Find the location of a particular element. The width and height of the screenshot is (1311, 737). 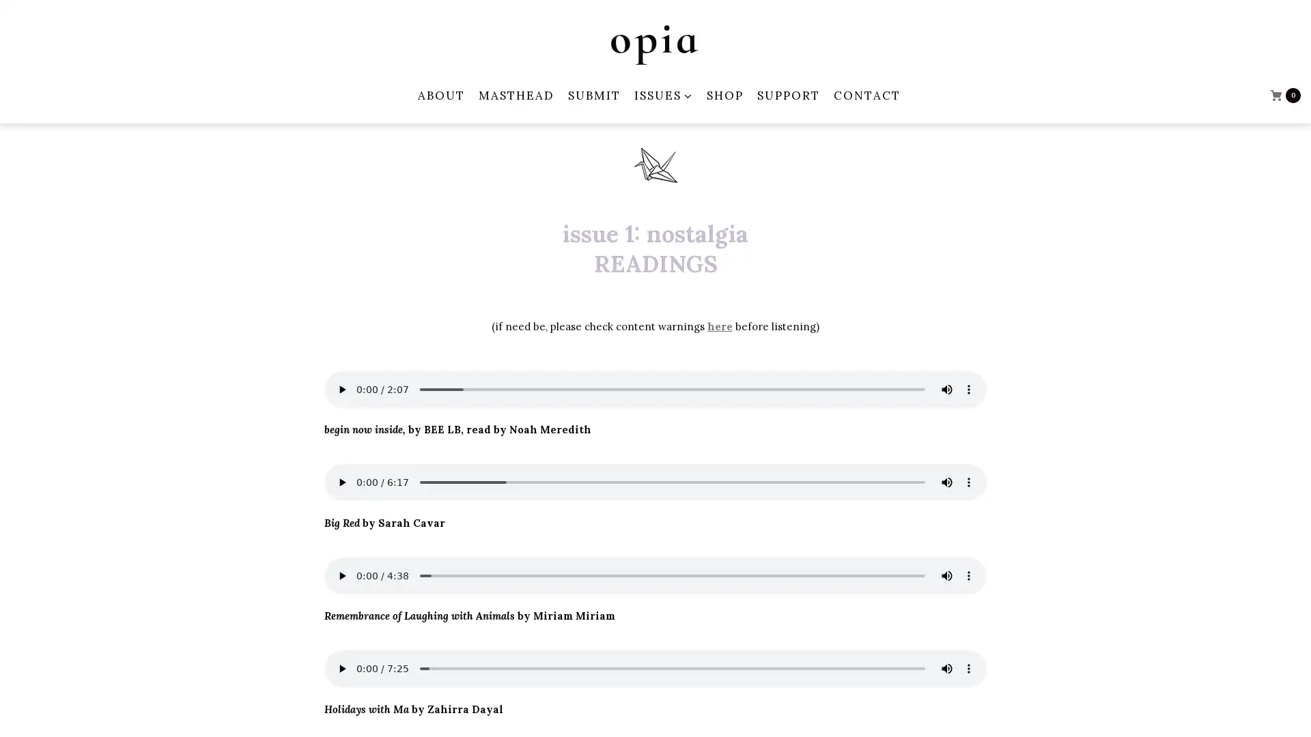

play is located at coordinates (341, 389).